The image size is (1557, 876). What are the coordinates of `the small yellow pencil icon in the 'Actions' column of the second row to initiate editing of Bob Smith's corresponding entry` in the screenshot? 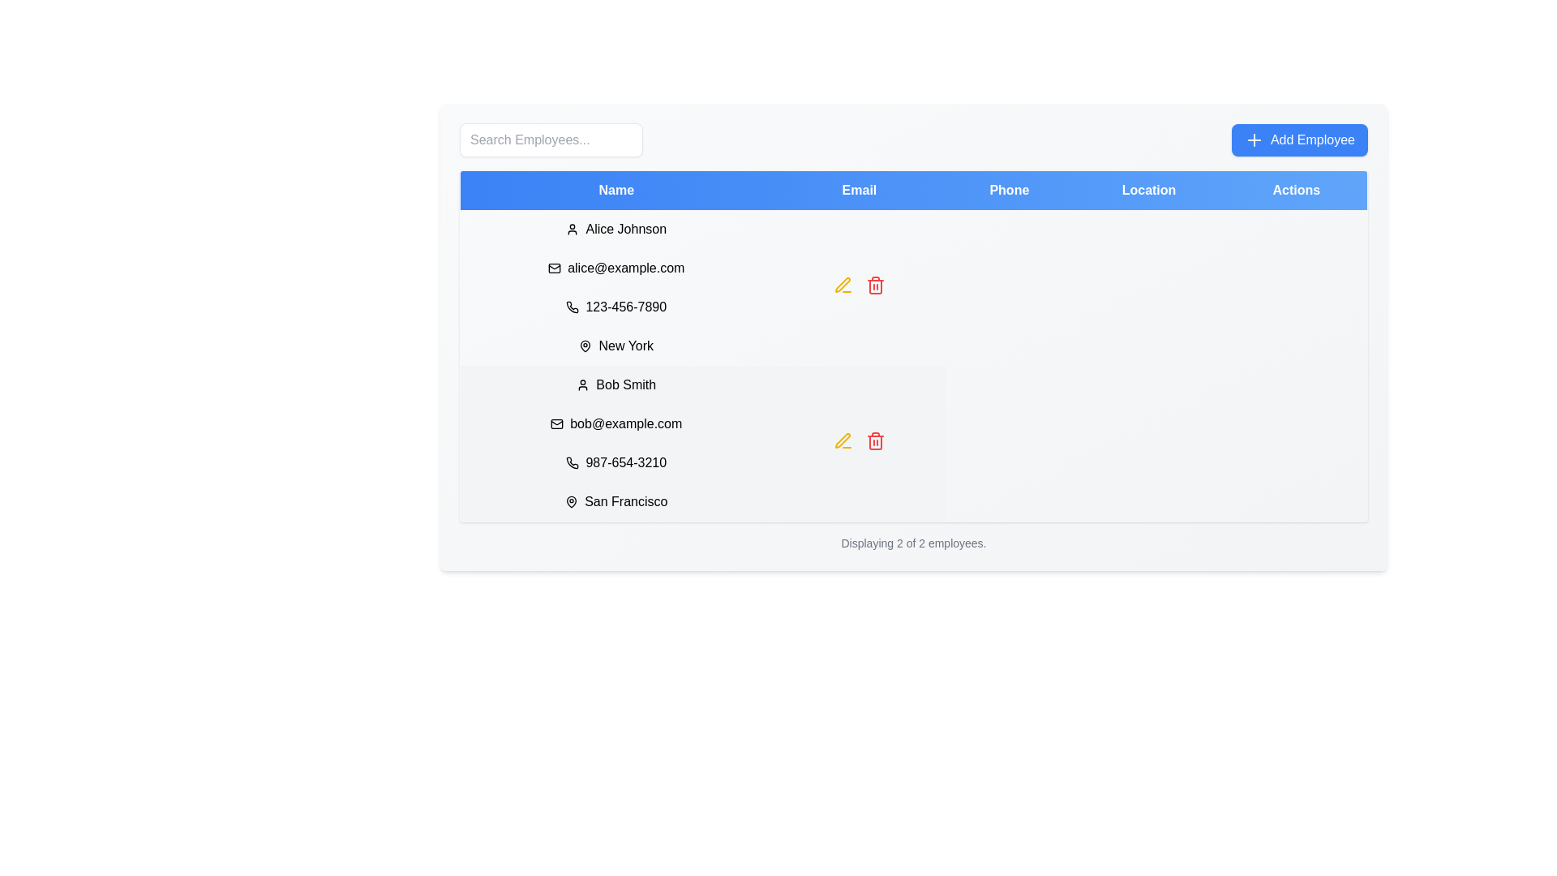 It's located at (843, 284).